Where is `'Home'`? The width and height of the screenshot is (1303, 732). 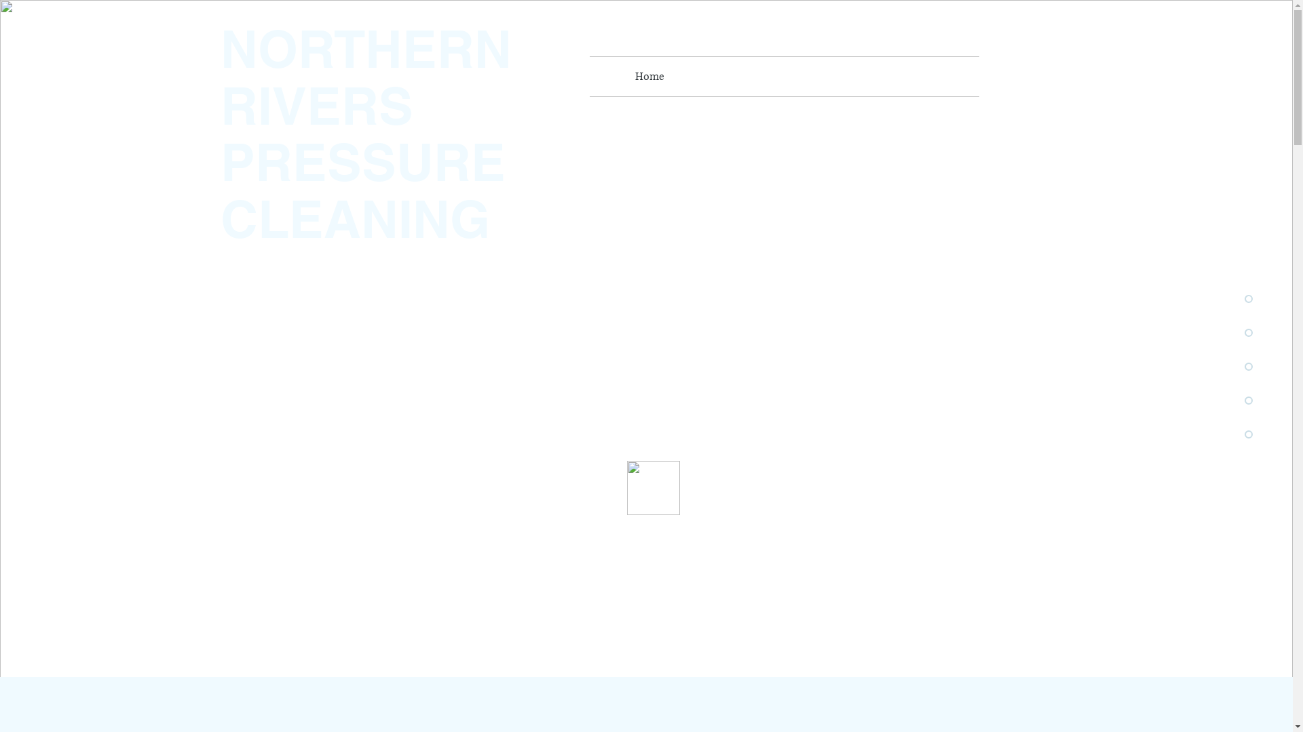 'Home' is located at coordinates (649, 76).